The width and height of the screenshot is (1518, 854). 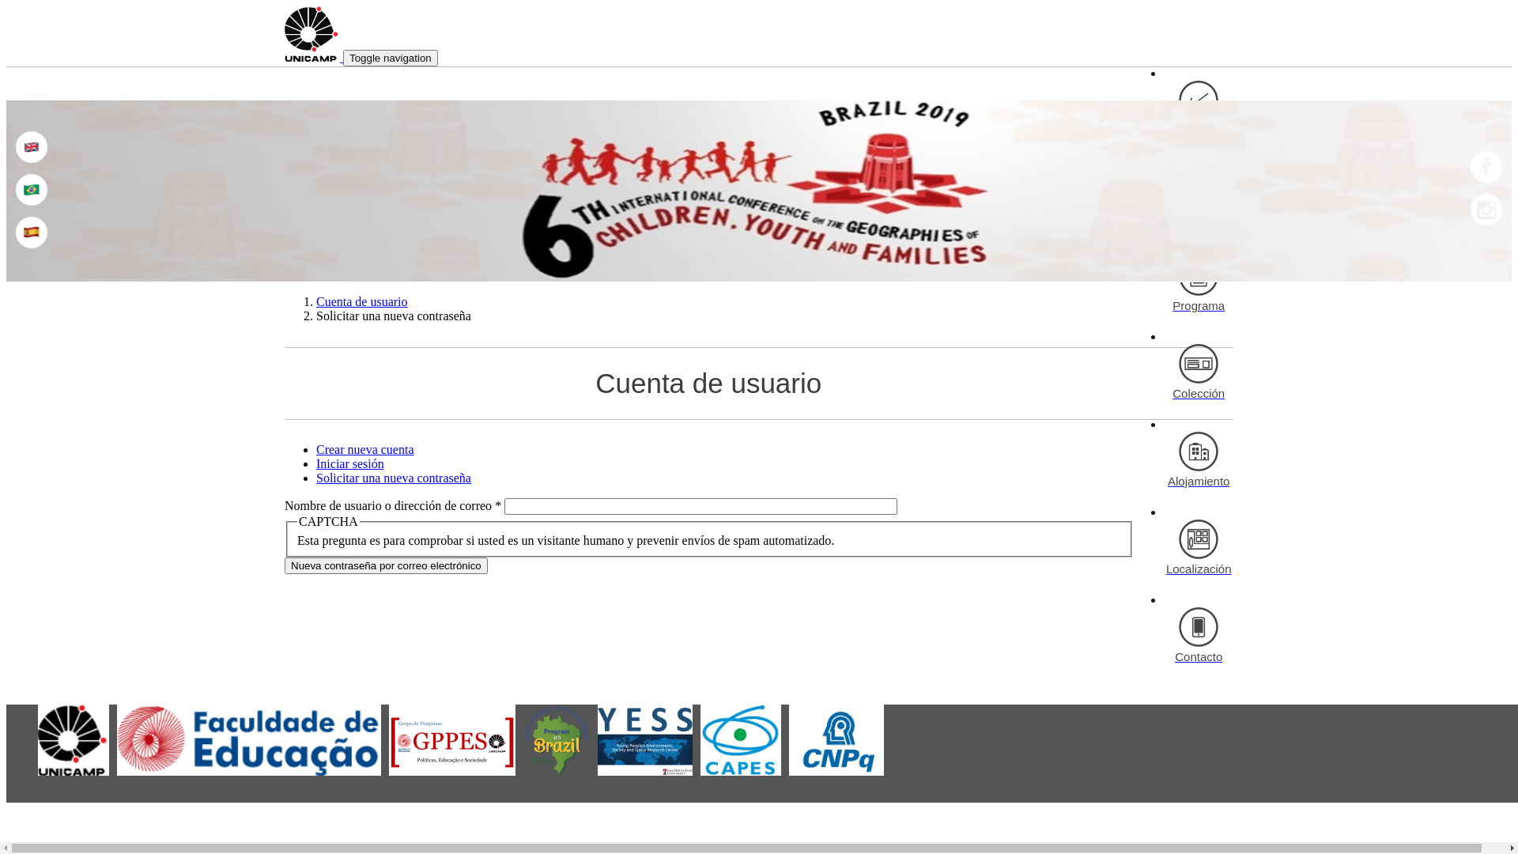 I want to click on 'Inicio', so click(x=314, y=56).